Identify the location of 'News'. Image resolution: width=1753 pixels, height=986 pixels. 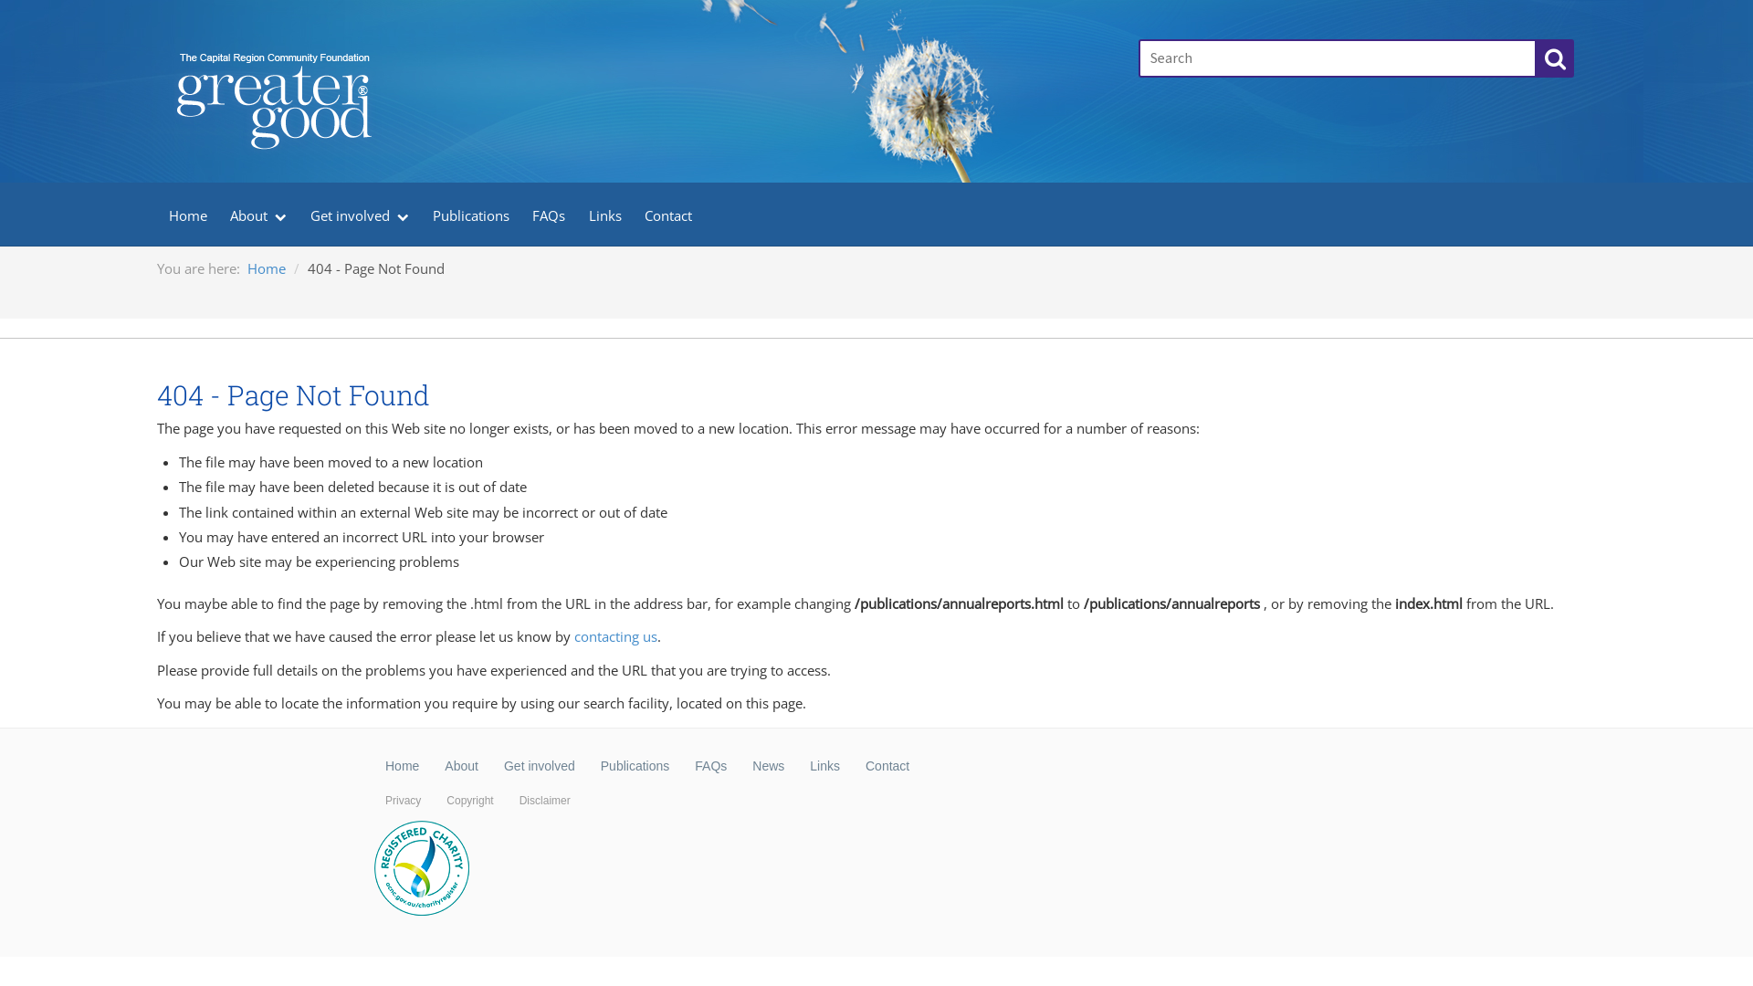
(768, 766).